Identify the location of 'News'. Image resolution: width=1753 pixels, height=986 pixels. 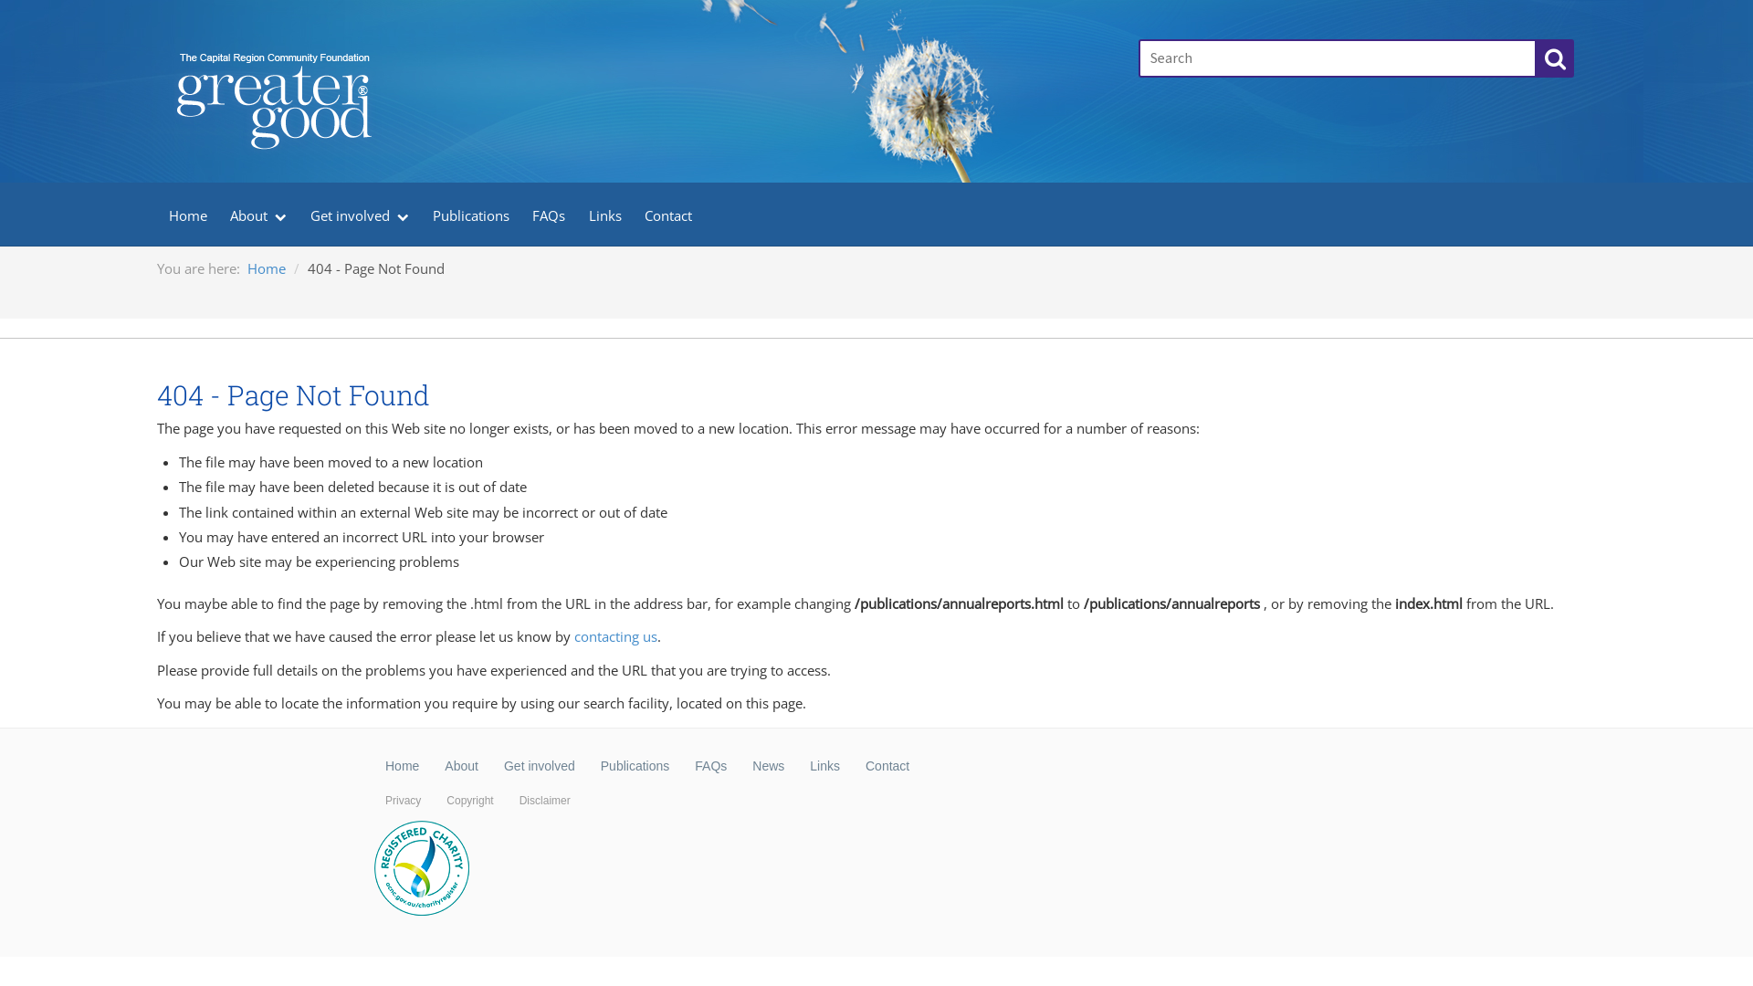
(768, 766).